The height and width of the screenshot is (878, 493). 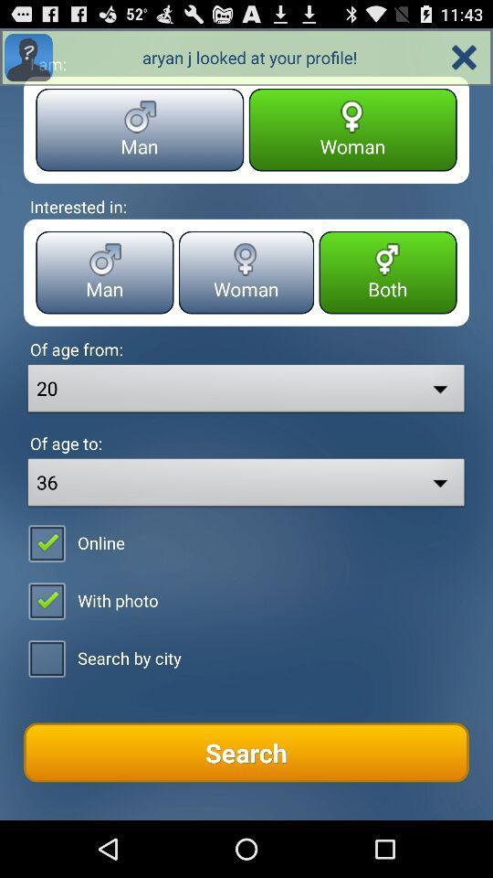 I want to click on the second check box along with text with photo, so click(x=90, y=599).